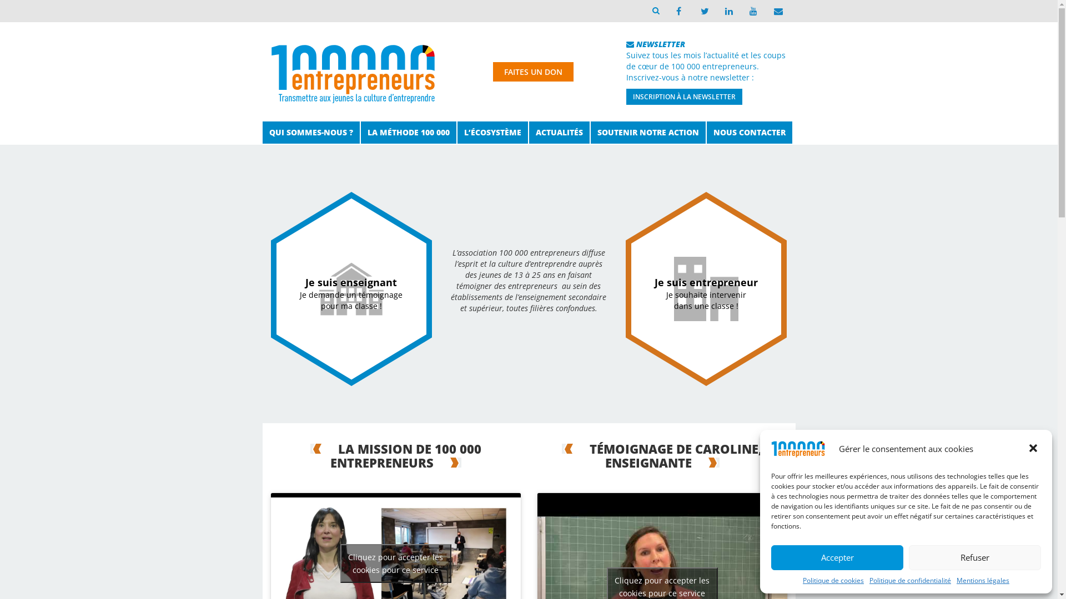  What do you see at coordinates (678, 11) in the screenshot?
I see `'Facebook'` at bounding box center [678, 11].